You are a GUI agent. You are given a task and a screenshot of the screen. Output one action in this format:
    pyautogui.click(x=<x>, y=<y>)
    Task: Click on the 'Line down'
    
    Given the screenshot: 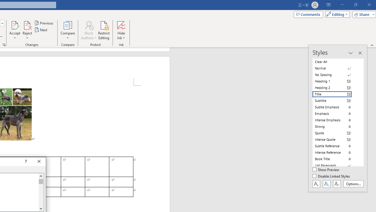 What is the action you would take?
    pyautogui.click(x=41, y=208)
    